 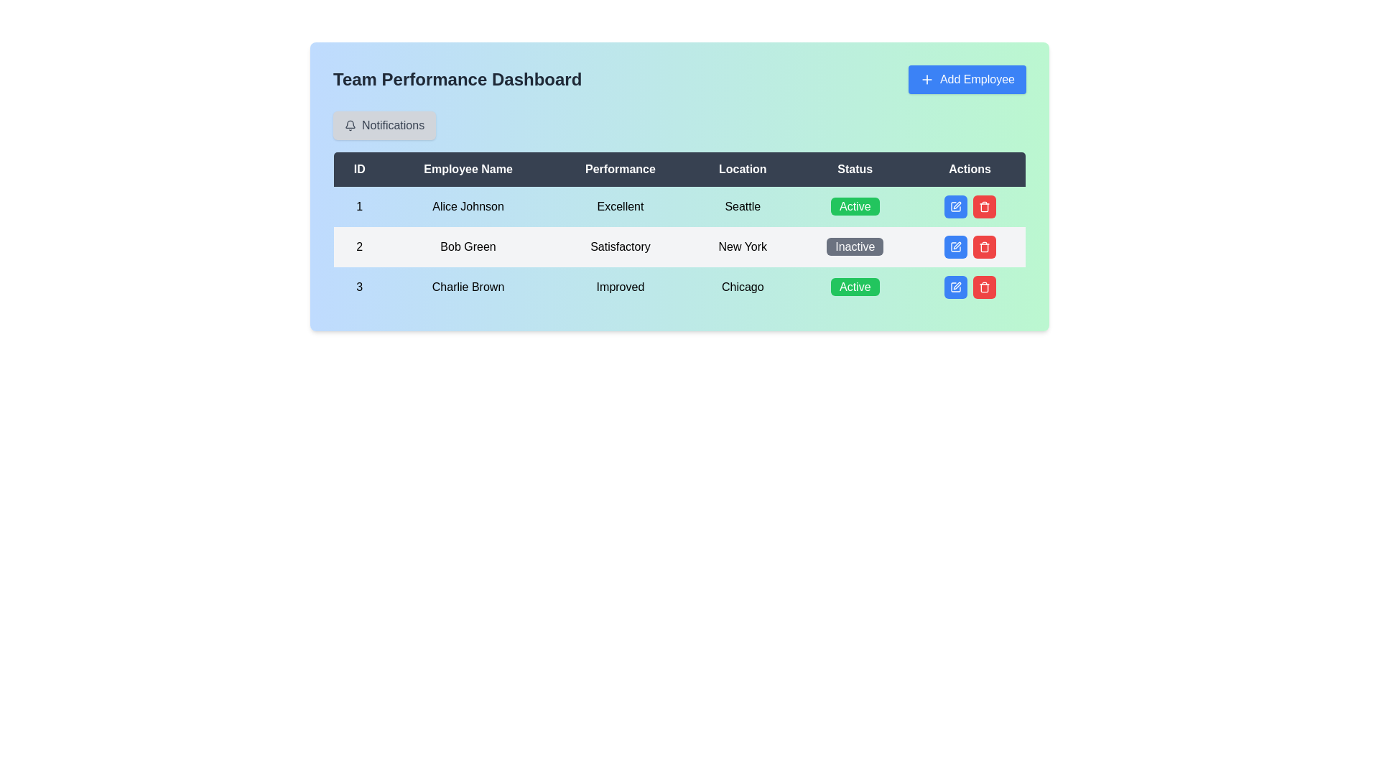 I want to click on the Text Label that serves as a header for the column listing location-related data for employees, located between 'Performance' and 'Status' in the header row of the table, so click(x=743, y=168).